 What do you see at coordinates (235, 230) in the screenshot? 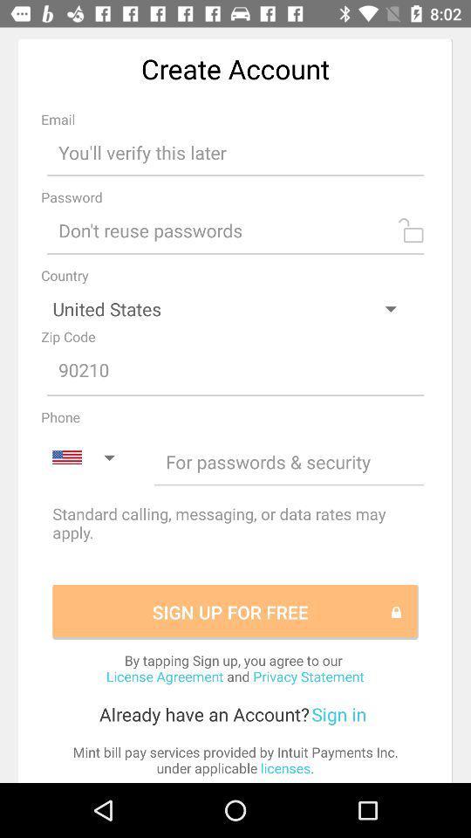
I see `creat password` at bounding box center [235, 230].